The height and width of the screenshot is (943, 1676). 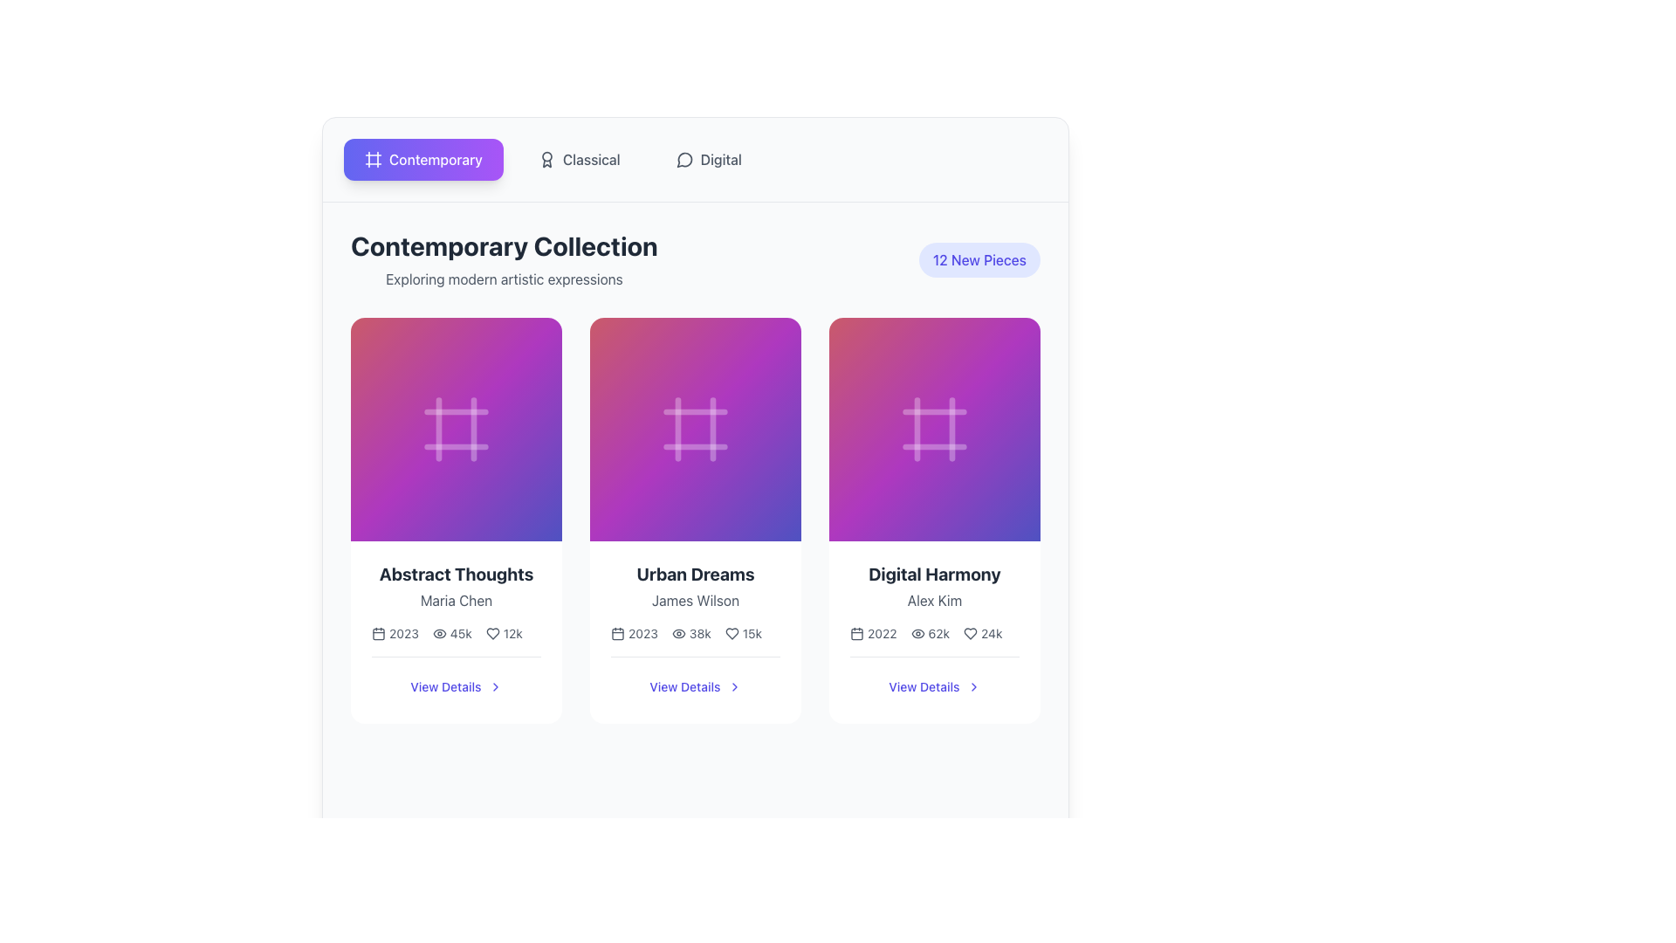 I want to click on the list item showcasing 'Urban Dreams' by James Wilson, located in the second column under 'Contemporary Collection', so click(x=694, y=520).